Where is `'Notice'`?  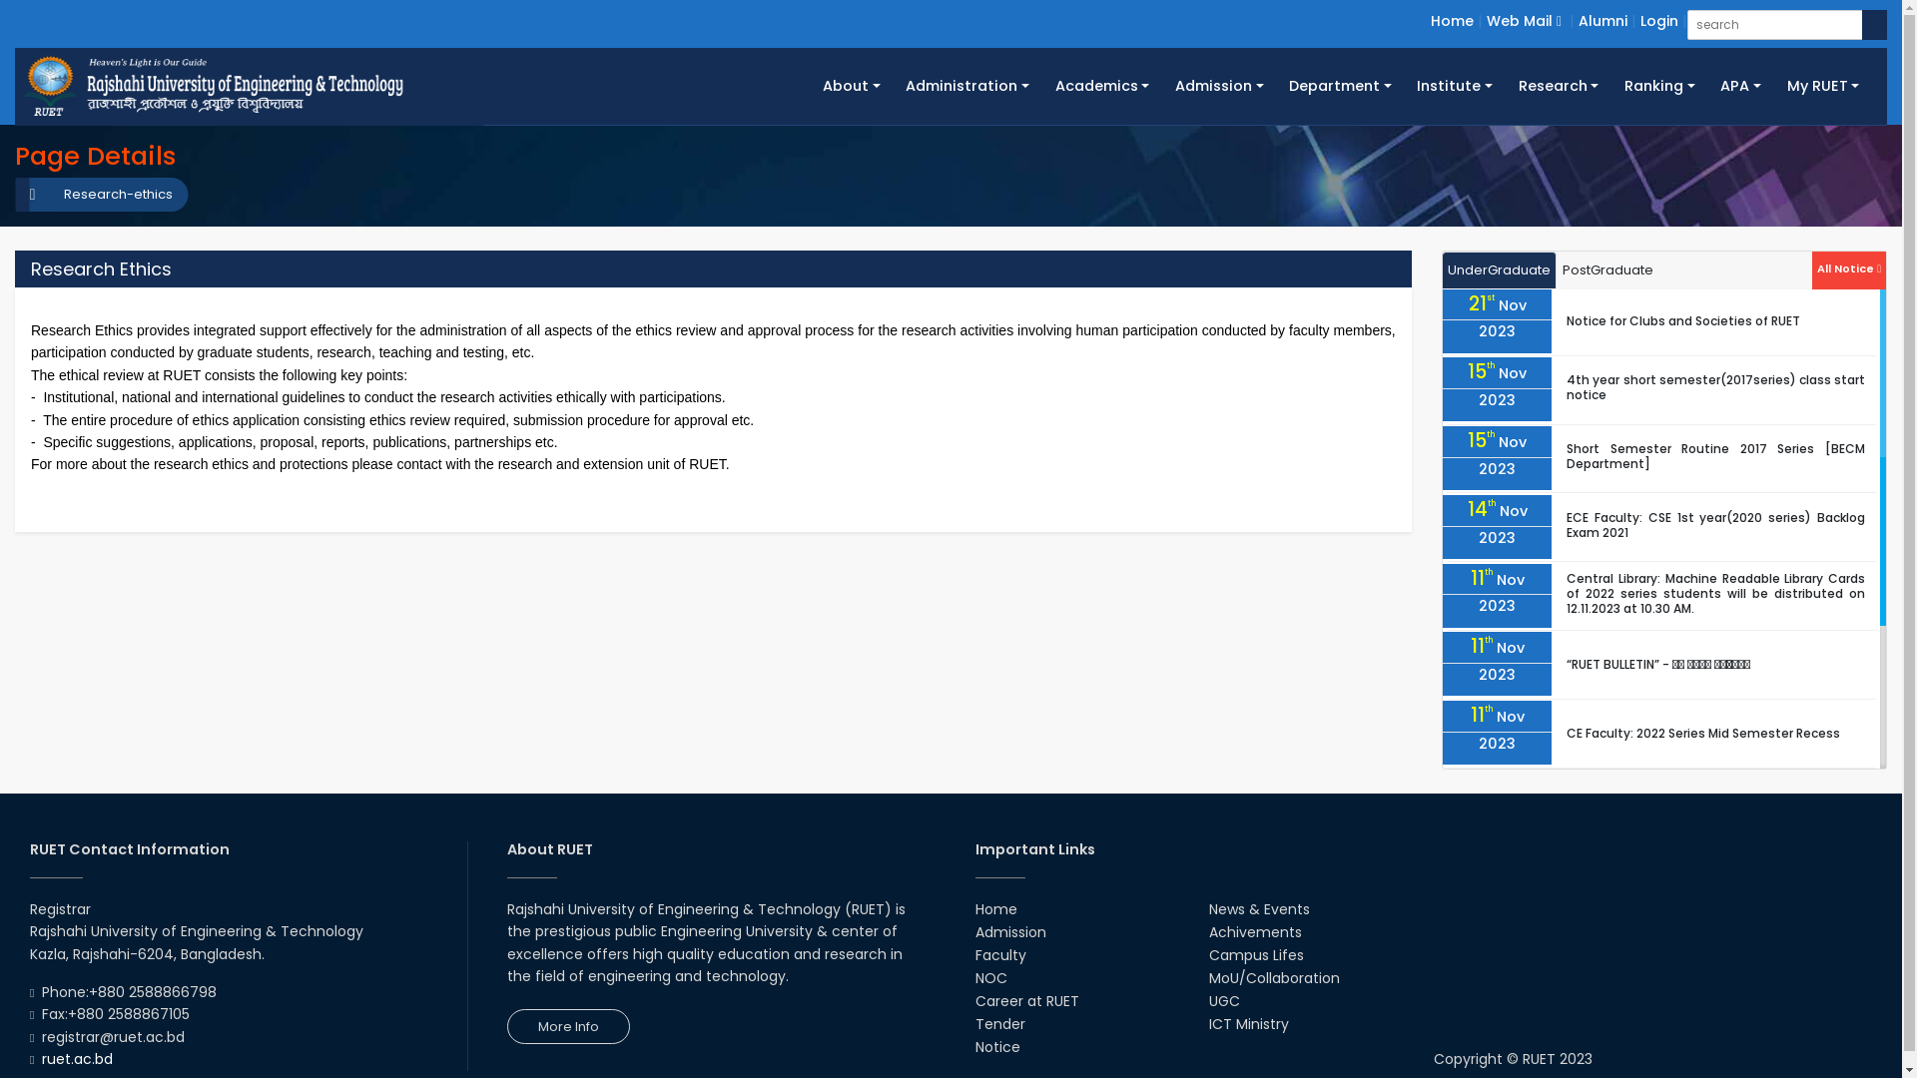
'Notice' is located at coordinates (973, 1046).